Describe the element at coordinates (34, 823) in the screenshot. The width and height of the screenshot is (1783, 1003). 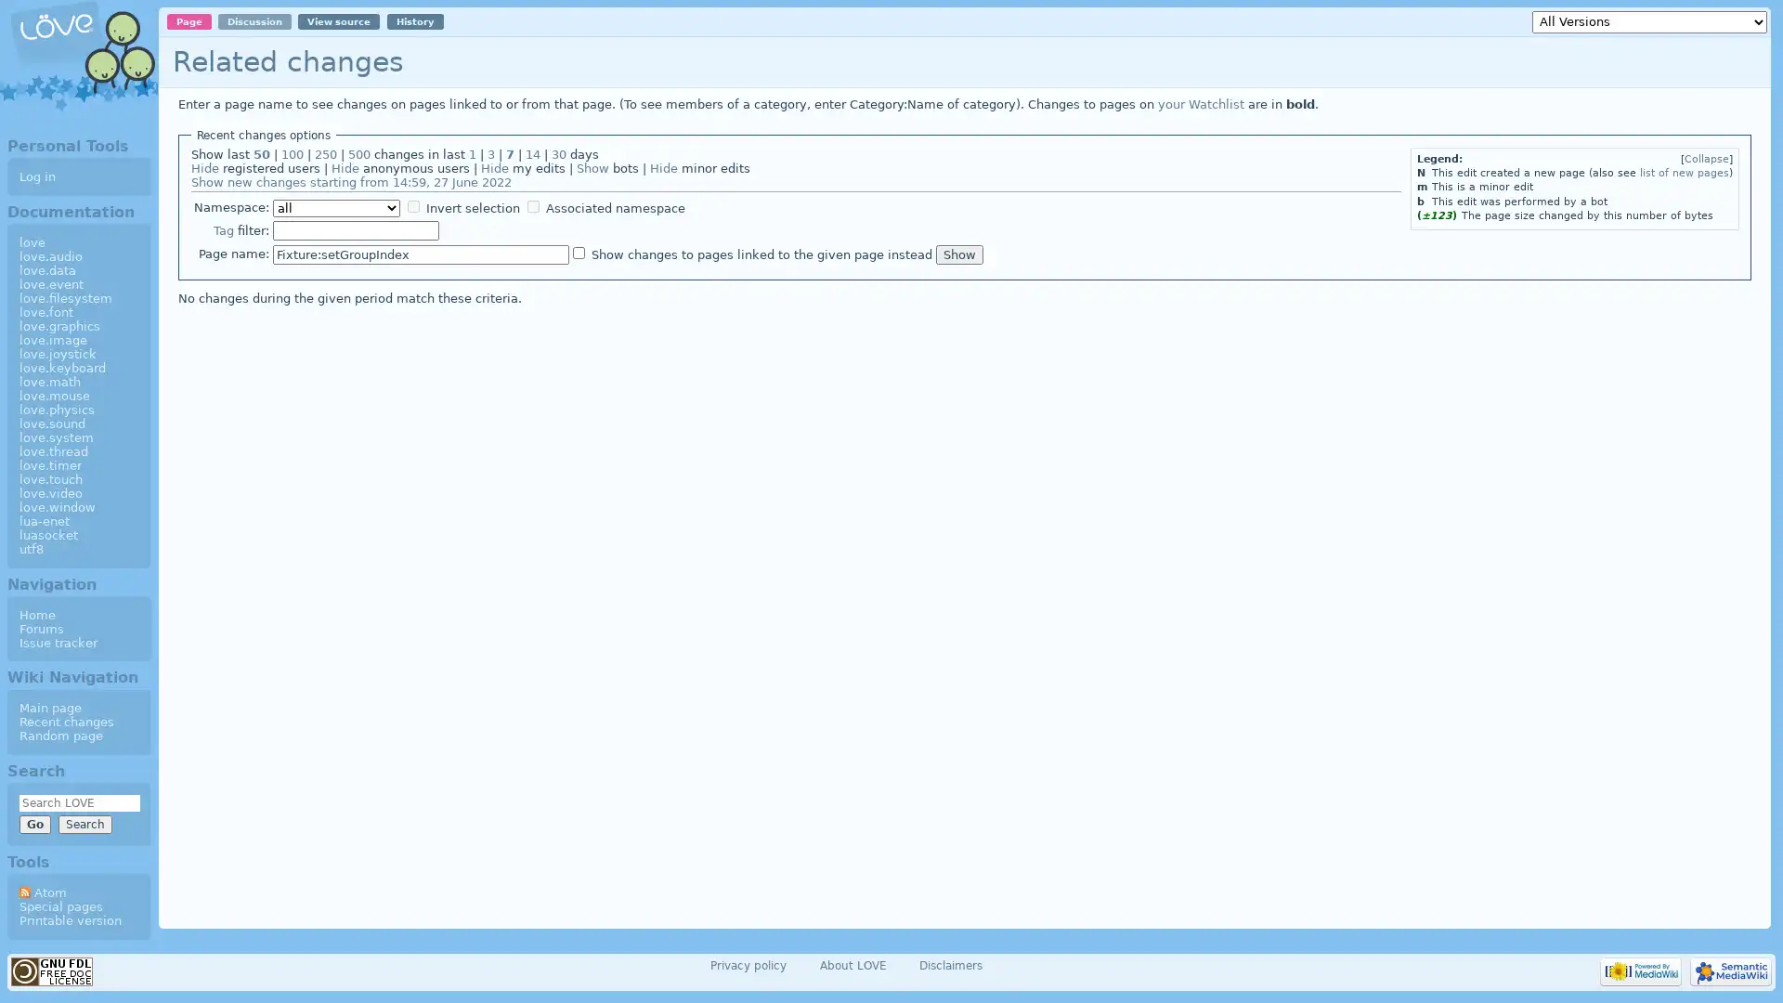
I see `Go` at that location.